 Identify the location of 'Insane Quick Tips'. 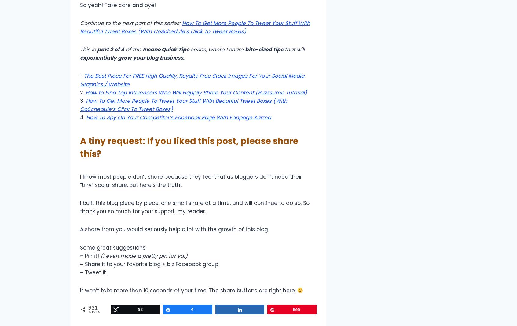
(142, 49).